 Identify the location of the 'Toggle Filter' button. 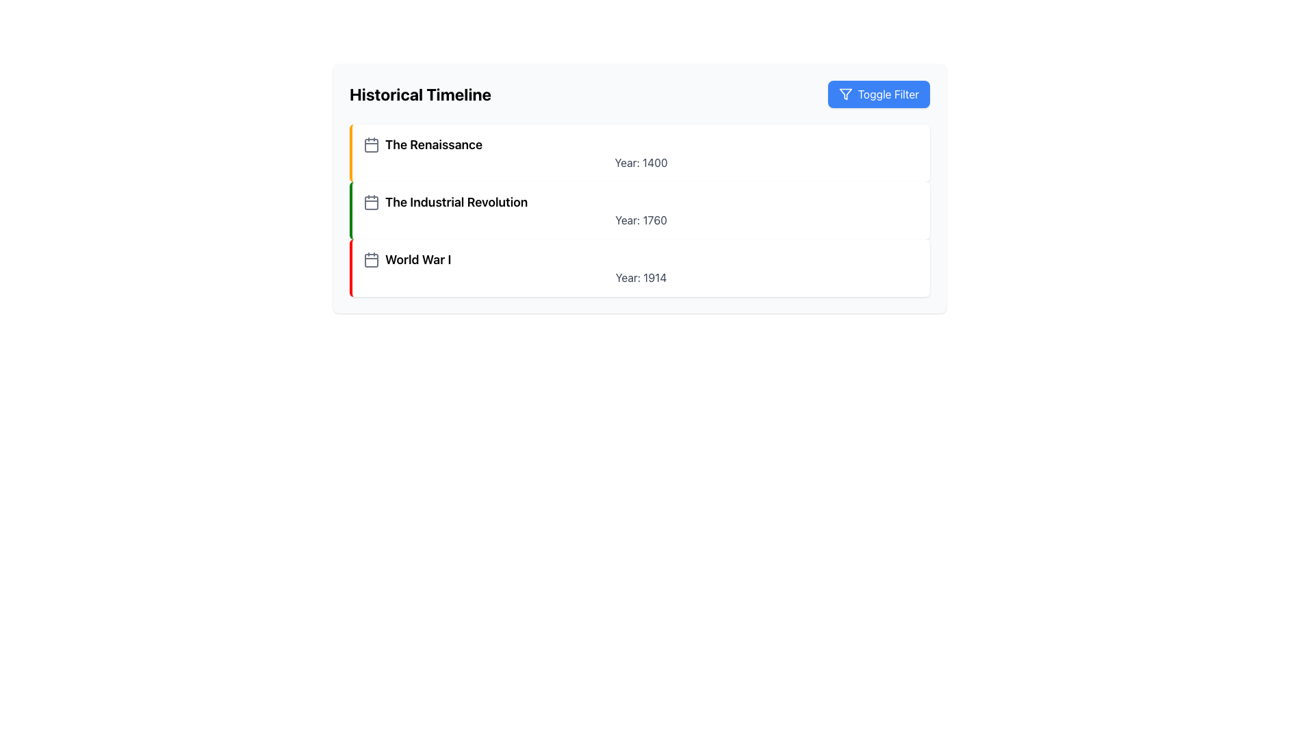
(879, 94).